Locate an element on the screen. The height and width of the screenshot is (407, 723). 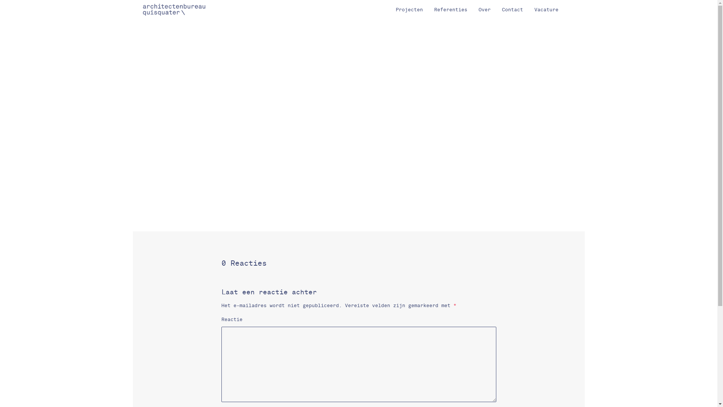
'Over' is located at coordinates (473, 10).